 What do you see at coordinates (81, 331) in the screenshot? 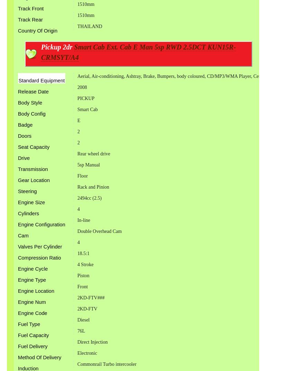
I see `'76L'` at bounding box center [81, 331].